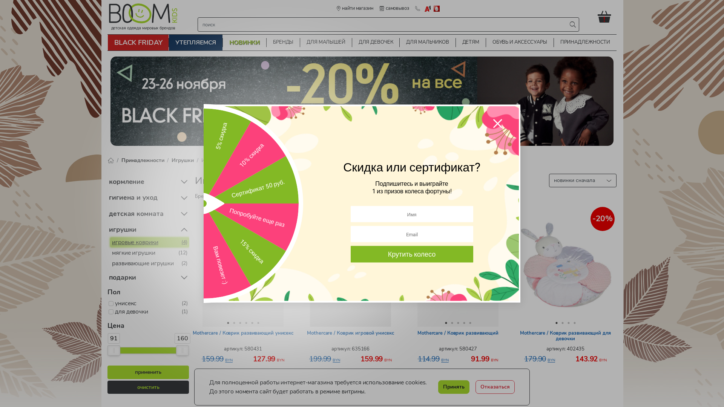  Describe the element at coordinates (563, 322) in the screenshot. I see `'2'` at that location.